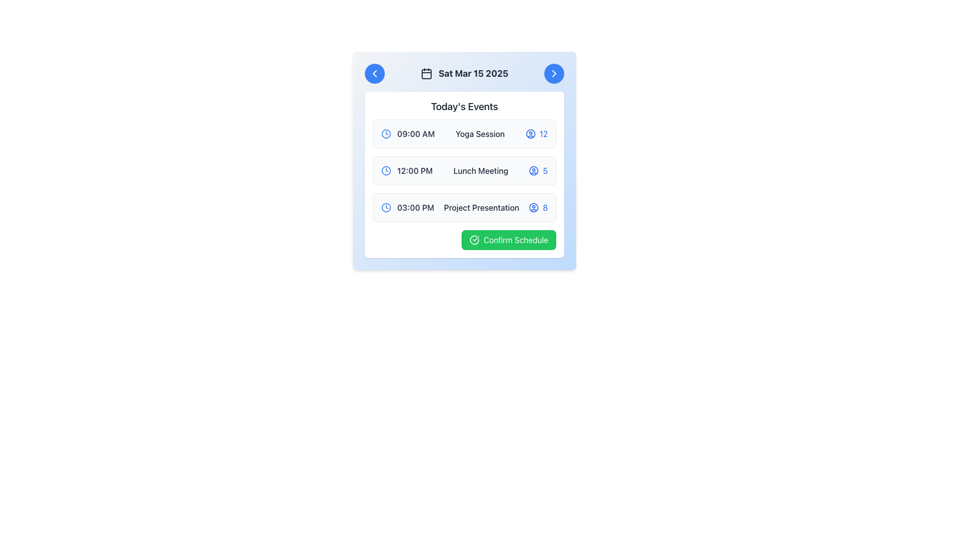  Describe the element at coordinates (464, 170) in the screenshot. I see `the second event entry in the list, which displays '12:00 PM Lunch Meeting' with a participant count of '5'` at that location.